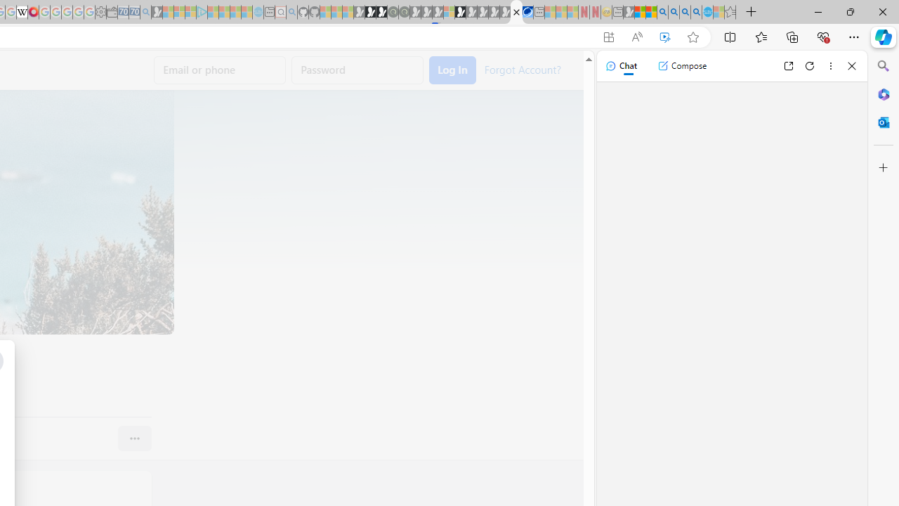 This screenshot has height=506, width=899. I want to click on 'Password', so click(357, 70).